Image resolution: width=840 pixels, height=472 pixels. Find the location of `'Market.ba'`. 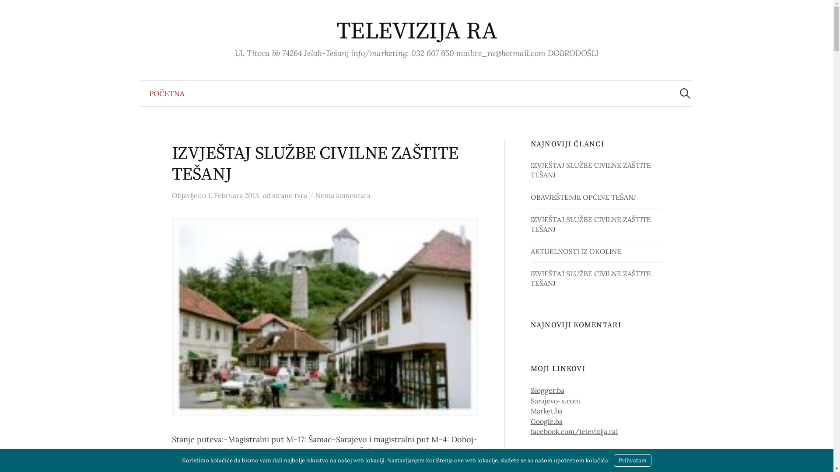

'Market.ba' is located at coordinates (546, 411).